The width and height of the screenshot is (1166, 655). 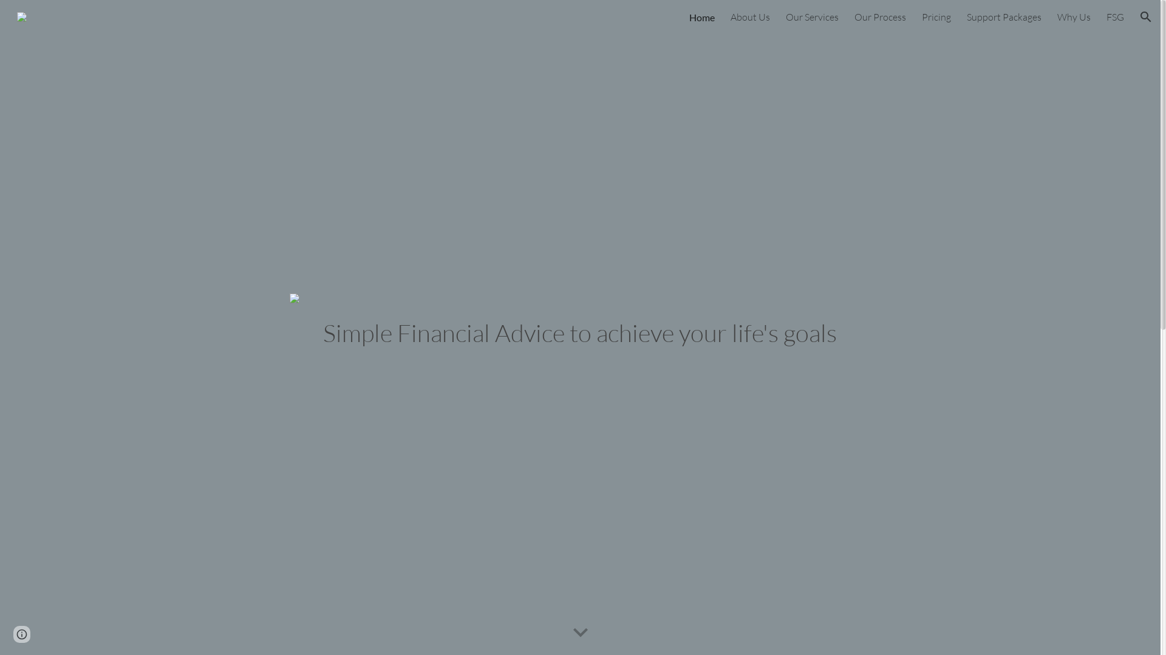 What do you see at coordinates (966, 16) in the screenshot?
I see `'Support Packages'` at bounding box center [966, 16].